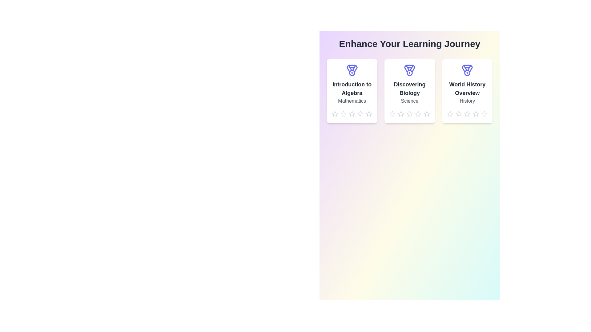 The width and height of the screenshot is (591, 332). What do you see at coordinates (467, 91) in the screenshot?
I see `the card for the module titled 'World History Overview'` at bounding box center [467, 91].